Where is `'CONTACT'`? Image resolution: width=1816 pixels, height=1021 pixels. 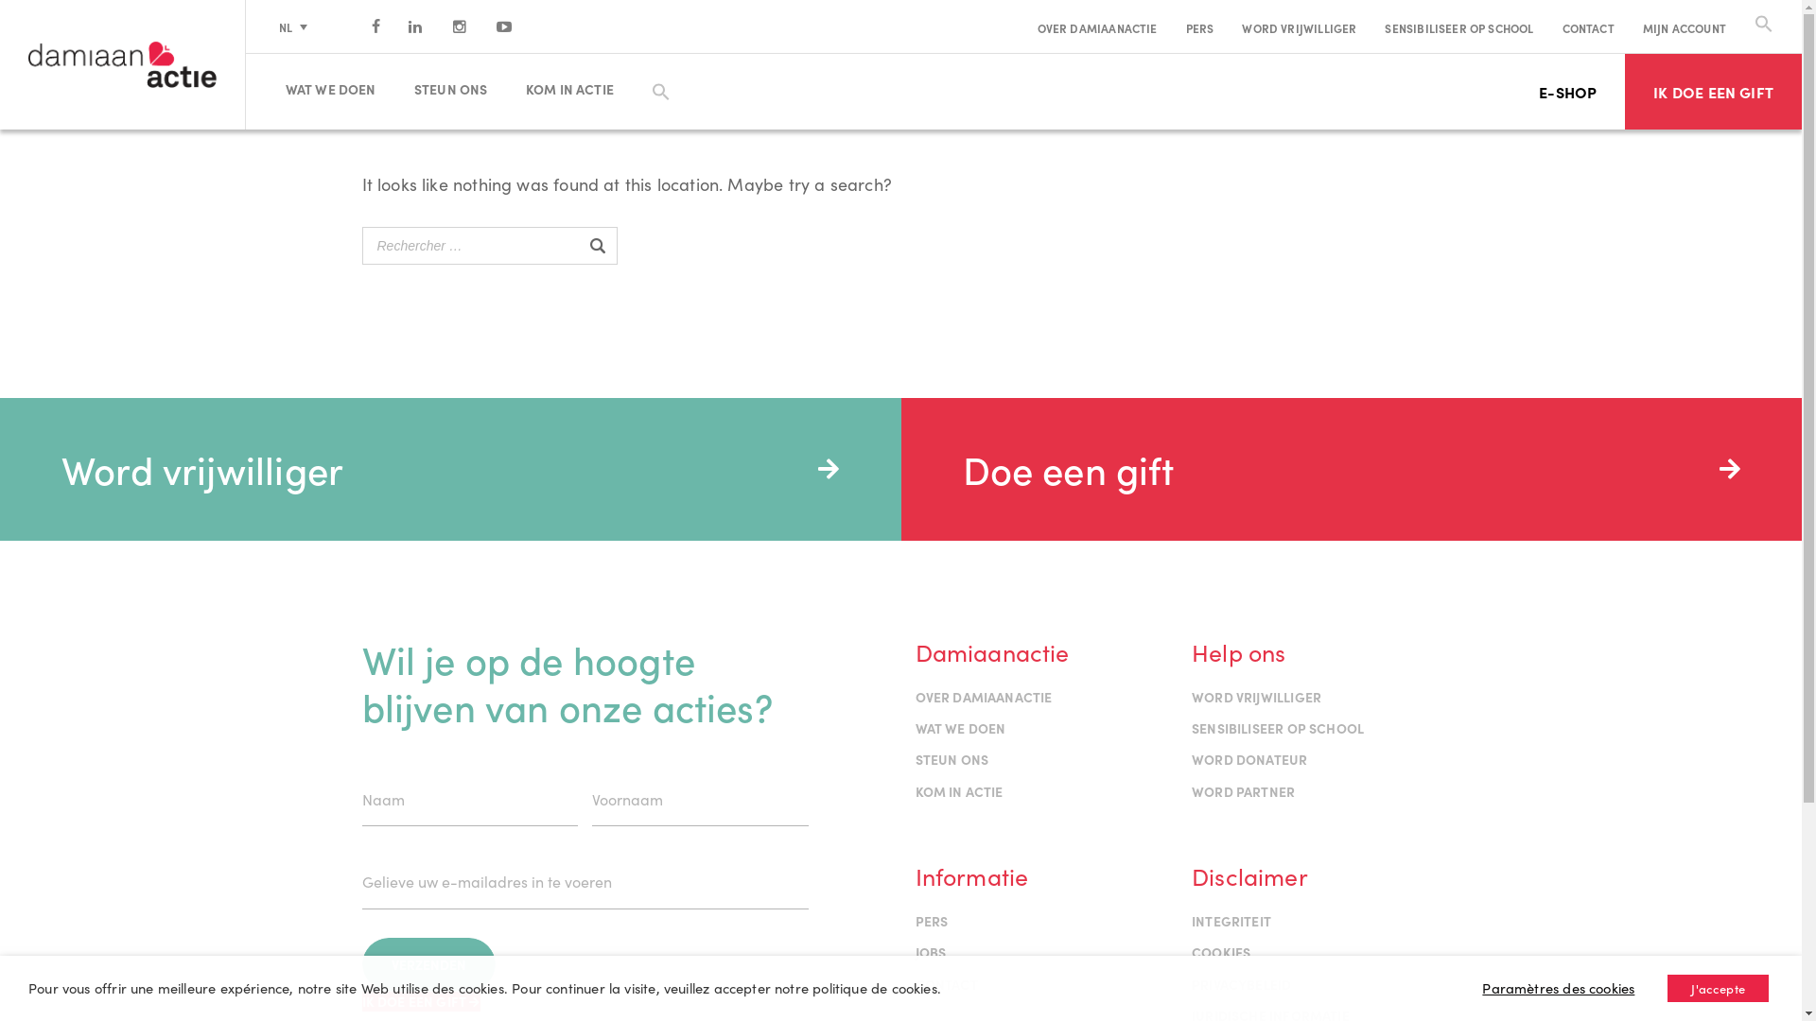 'CONTACT' is located at coordinates (1588, 27).